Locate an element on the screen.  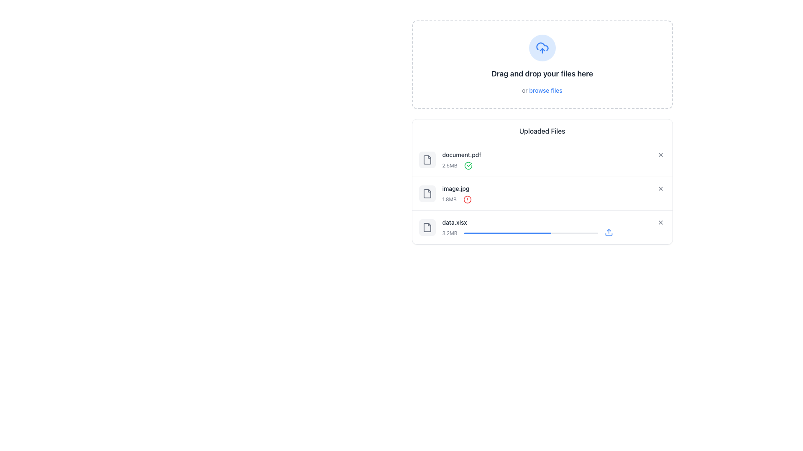
the progress status of the upload progress bar associated with the file 'data.xlsx', which is currently at 65% is located at coordinates (530, 233).